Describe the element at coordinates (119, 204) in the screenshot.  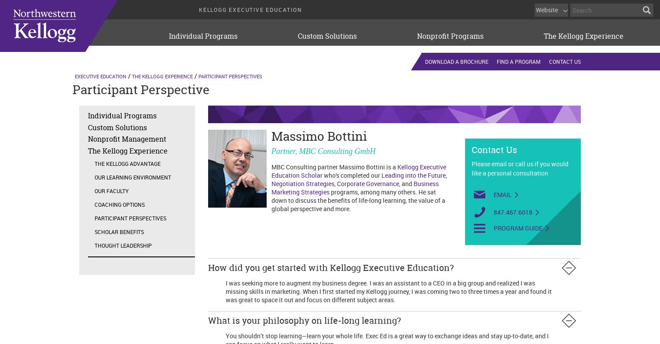
I see `'Coaching Options'` at that location.